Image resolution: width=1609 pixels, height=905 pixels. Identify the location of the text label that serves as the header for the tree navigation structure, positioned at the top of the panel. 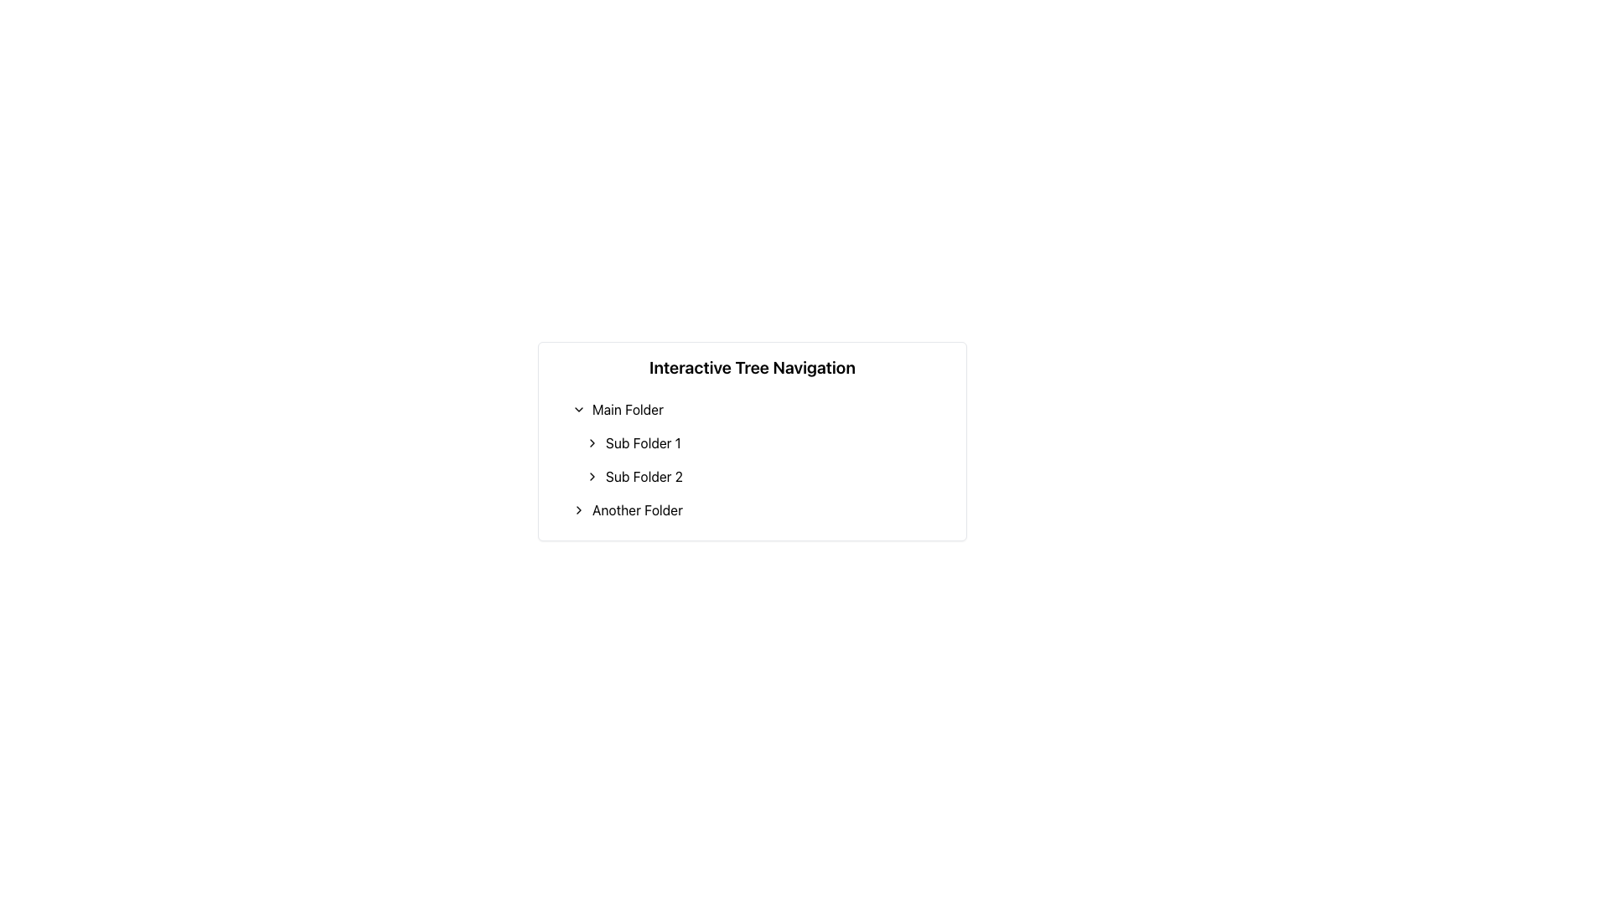
(751, 367).